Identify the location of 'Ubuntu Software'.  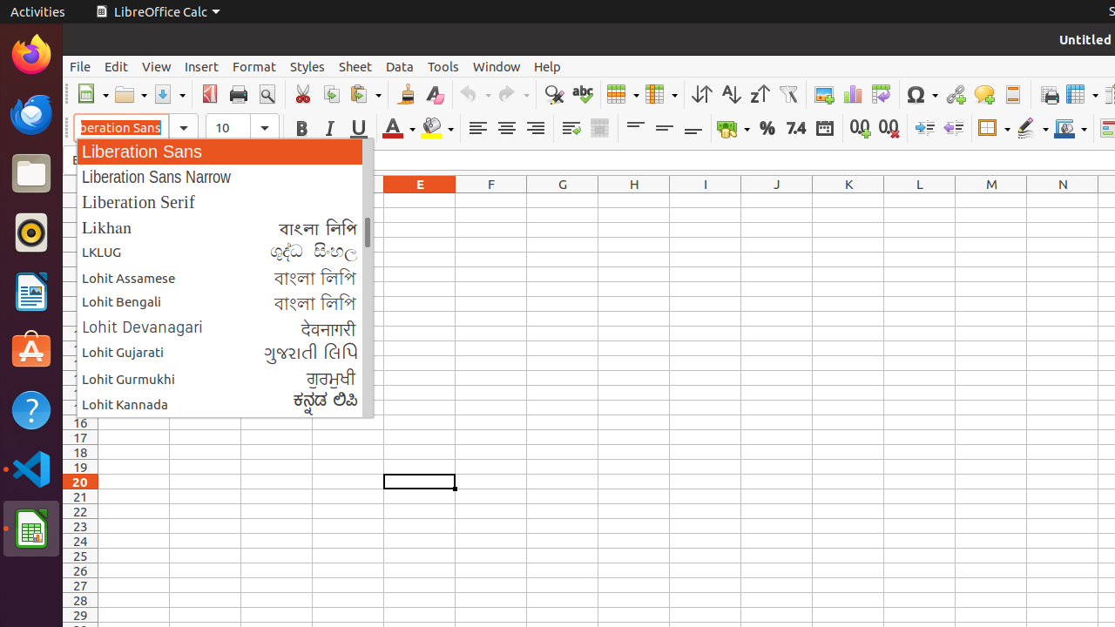
(30, 351).